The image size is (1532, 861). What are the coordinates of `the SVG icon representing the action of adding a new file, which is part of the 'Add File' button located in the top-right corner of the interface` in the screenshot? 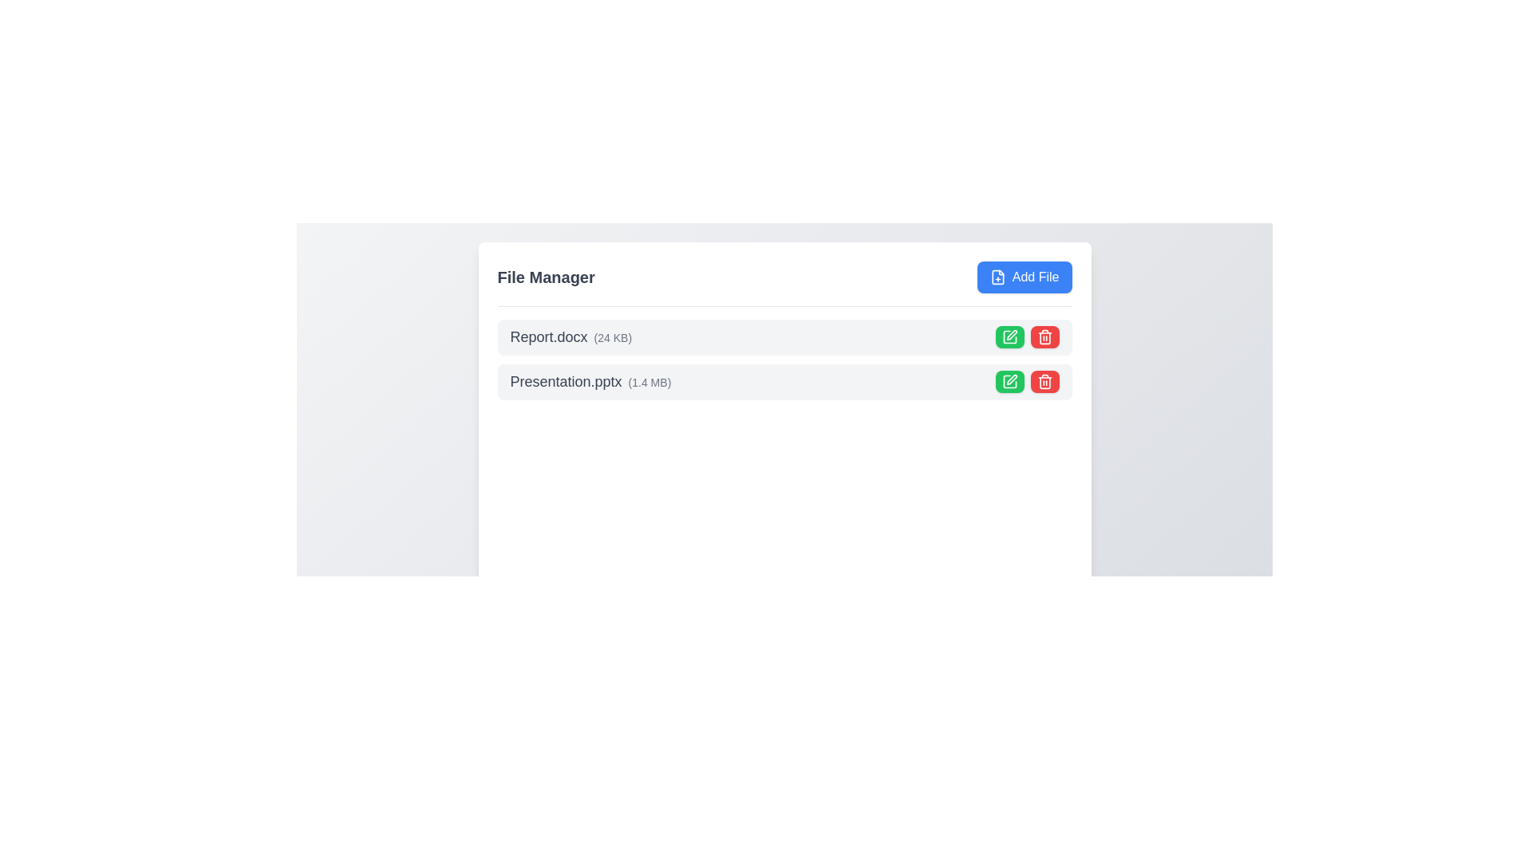 It's located at (997, 276).